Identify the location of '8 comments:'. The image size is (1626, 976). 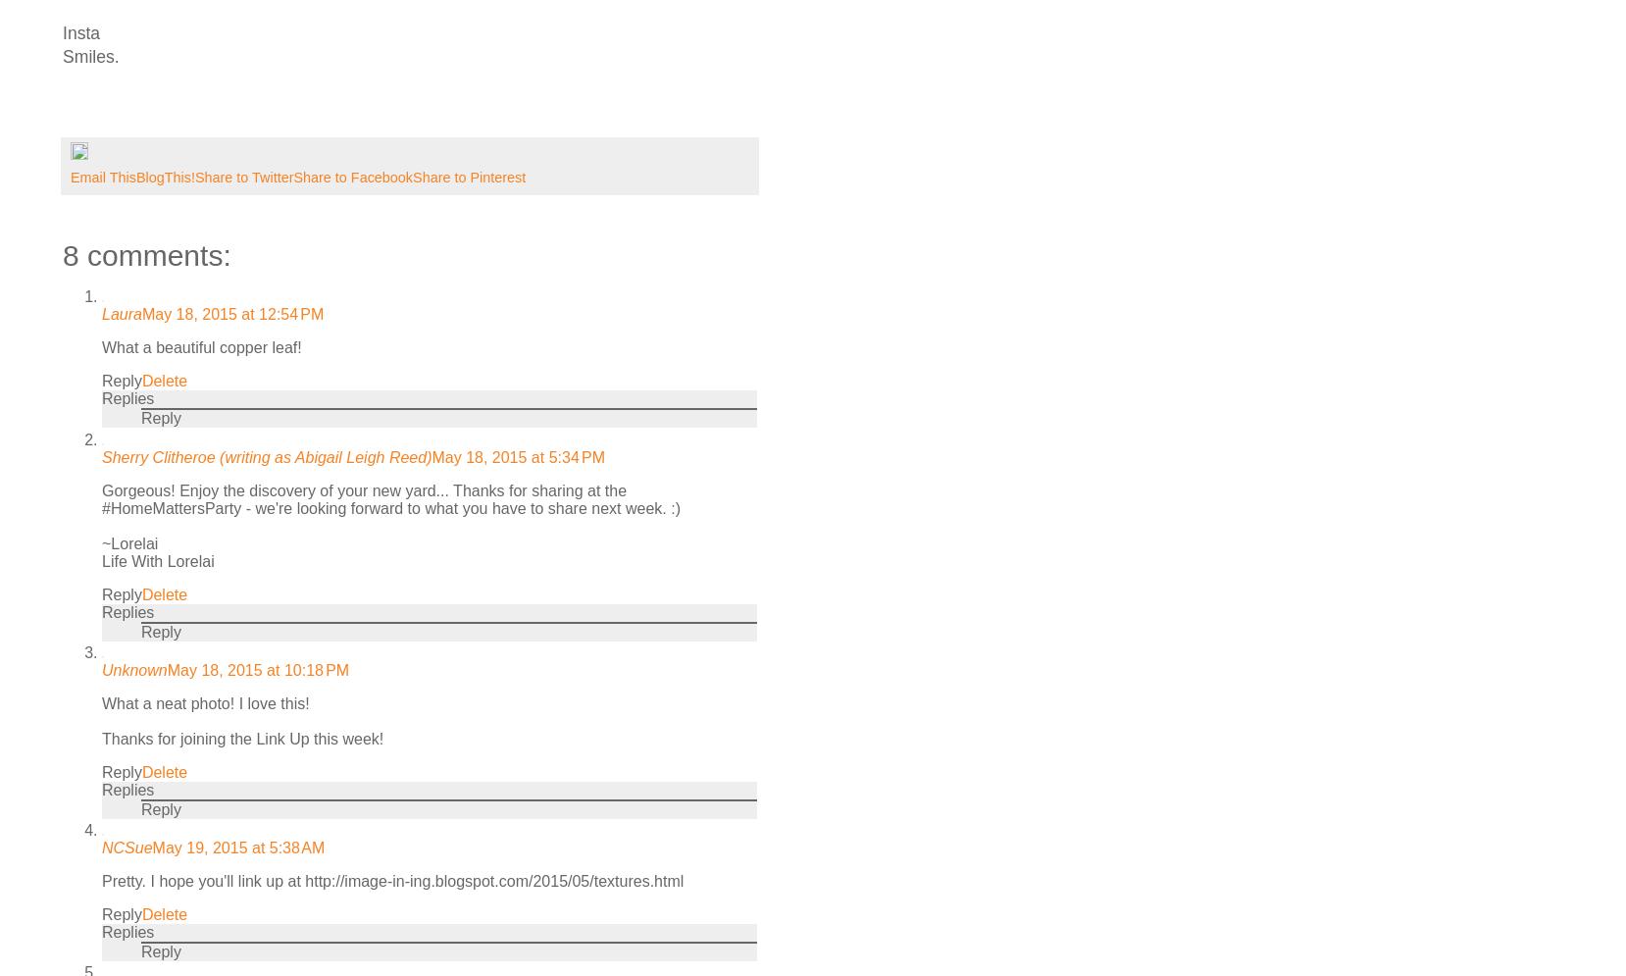
(146, 255).